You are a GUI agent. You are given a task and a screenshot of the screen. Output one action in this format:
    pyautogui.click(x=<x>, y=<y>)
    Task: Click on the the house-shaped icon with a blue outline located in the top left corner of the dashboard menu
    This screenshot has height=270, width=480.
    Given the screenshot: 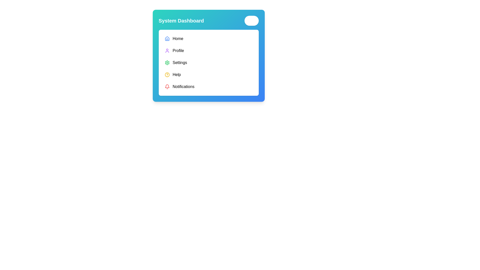 What is the action you would take?
    pyautogui.click(x=167, y=38)
    